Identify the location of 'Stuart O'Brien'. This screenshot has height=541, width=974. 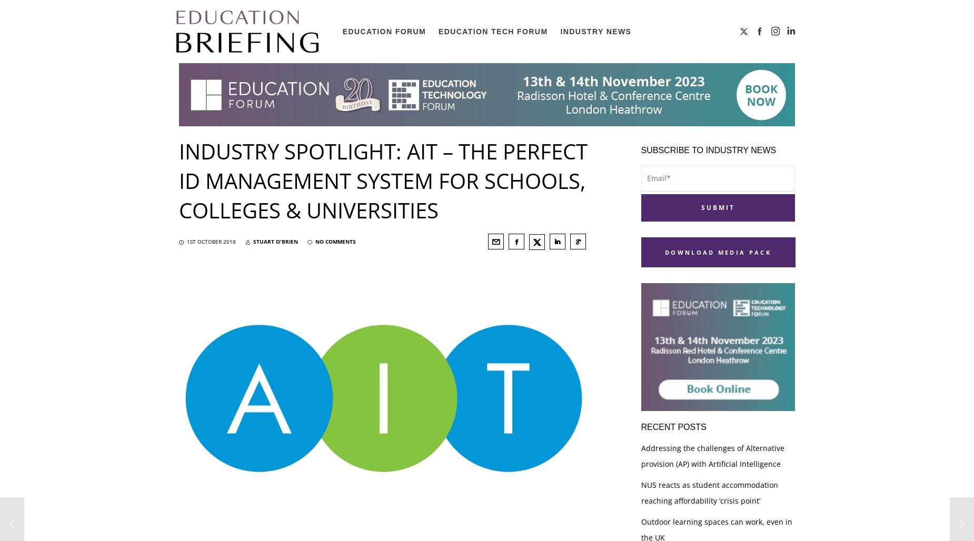
(275, 241).